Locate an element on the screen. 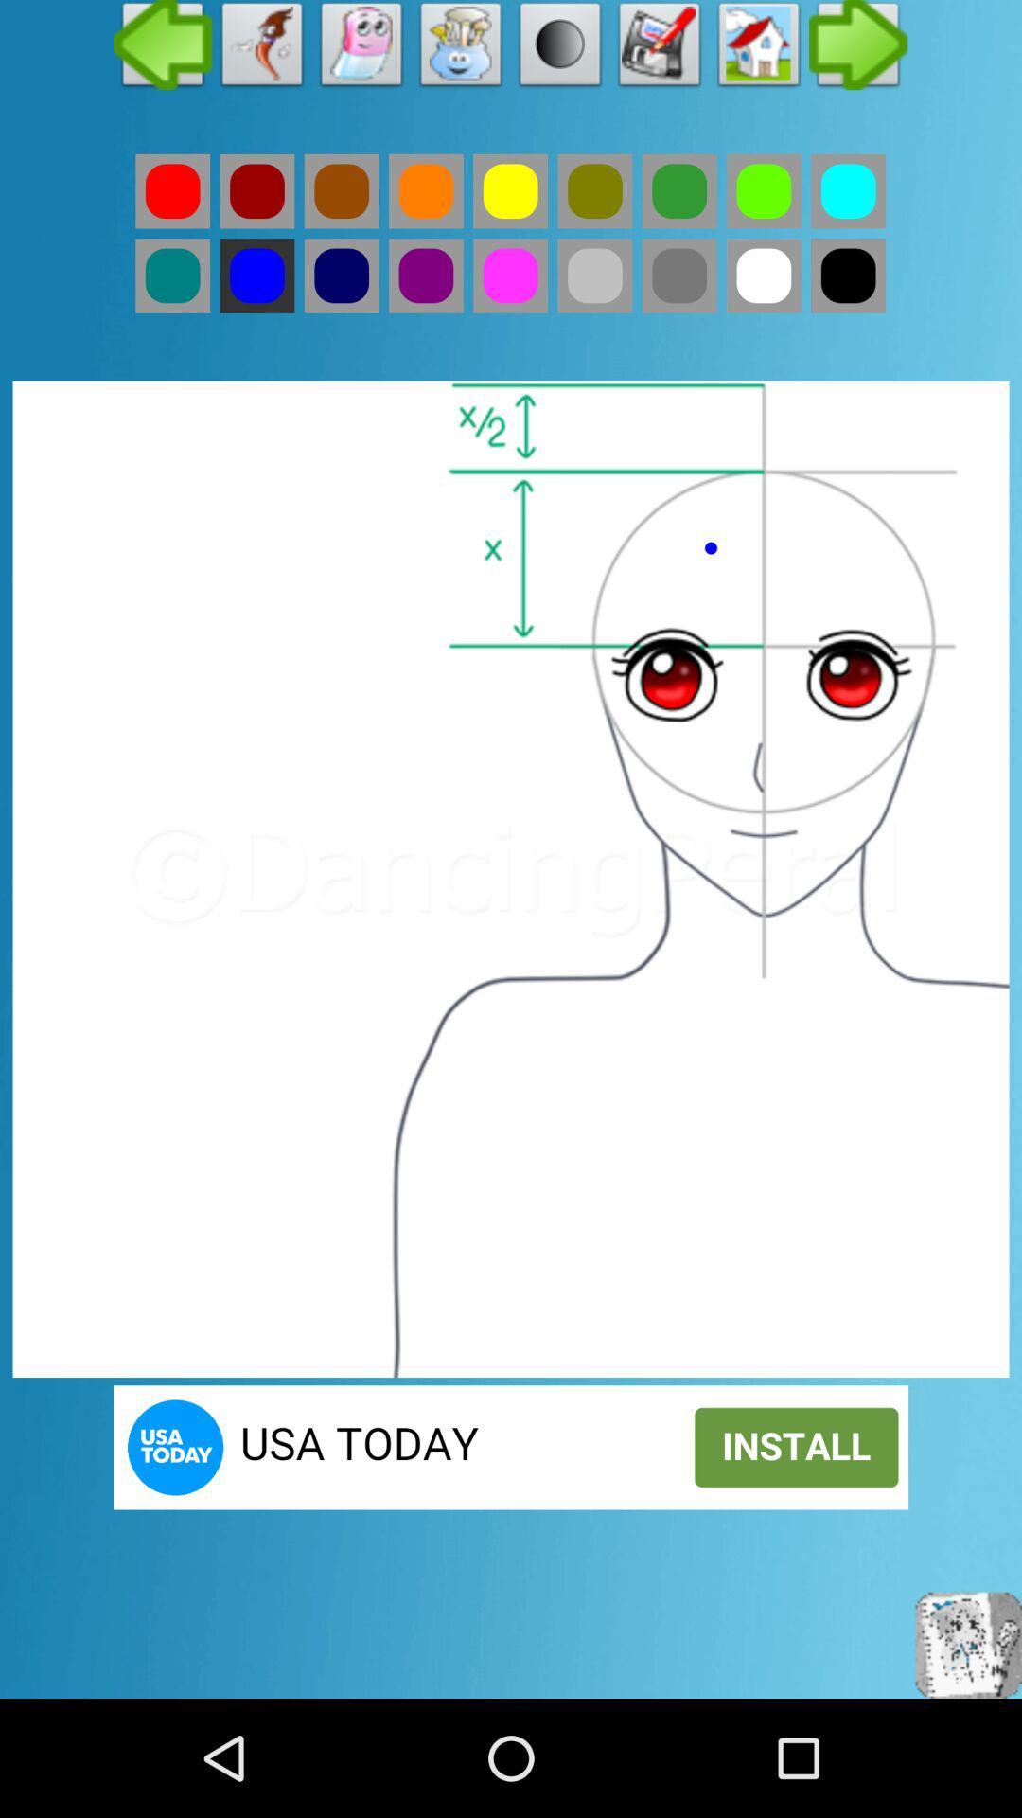 The height and width of the screenshot is (1818, 1022). green is located at coordinates (593, 191).